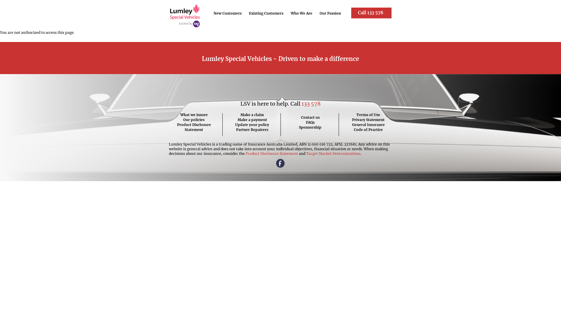  I want to click on 'Existing Customers', so click(266, 13).